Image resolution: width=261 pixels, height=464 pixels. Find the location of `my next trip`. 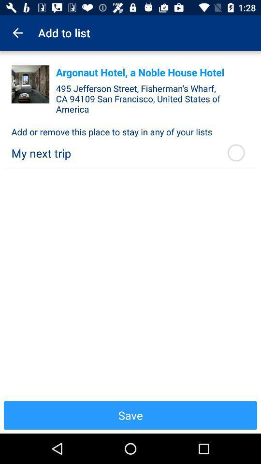

my next trip is located at coordinates (113, 153).